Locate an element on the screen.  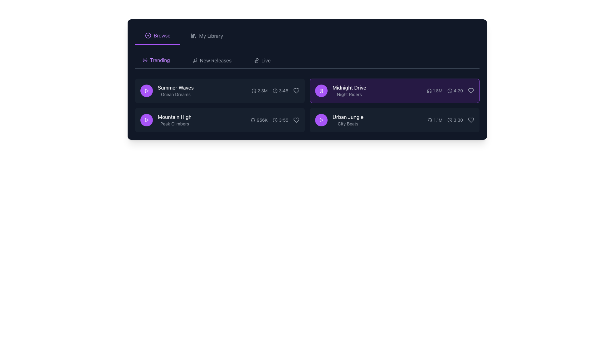
the small clock-shaped icon located to the left of the time text '3:45' in the song information section for 'Summer Waves - Ocean Dreams' is located at coordinates (275, 90).